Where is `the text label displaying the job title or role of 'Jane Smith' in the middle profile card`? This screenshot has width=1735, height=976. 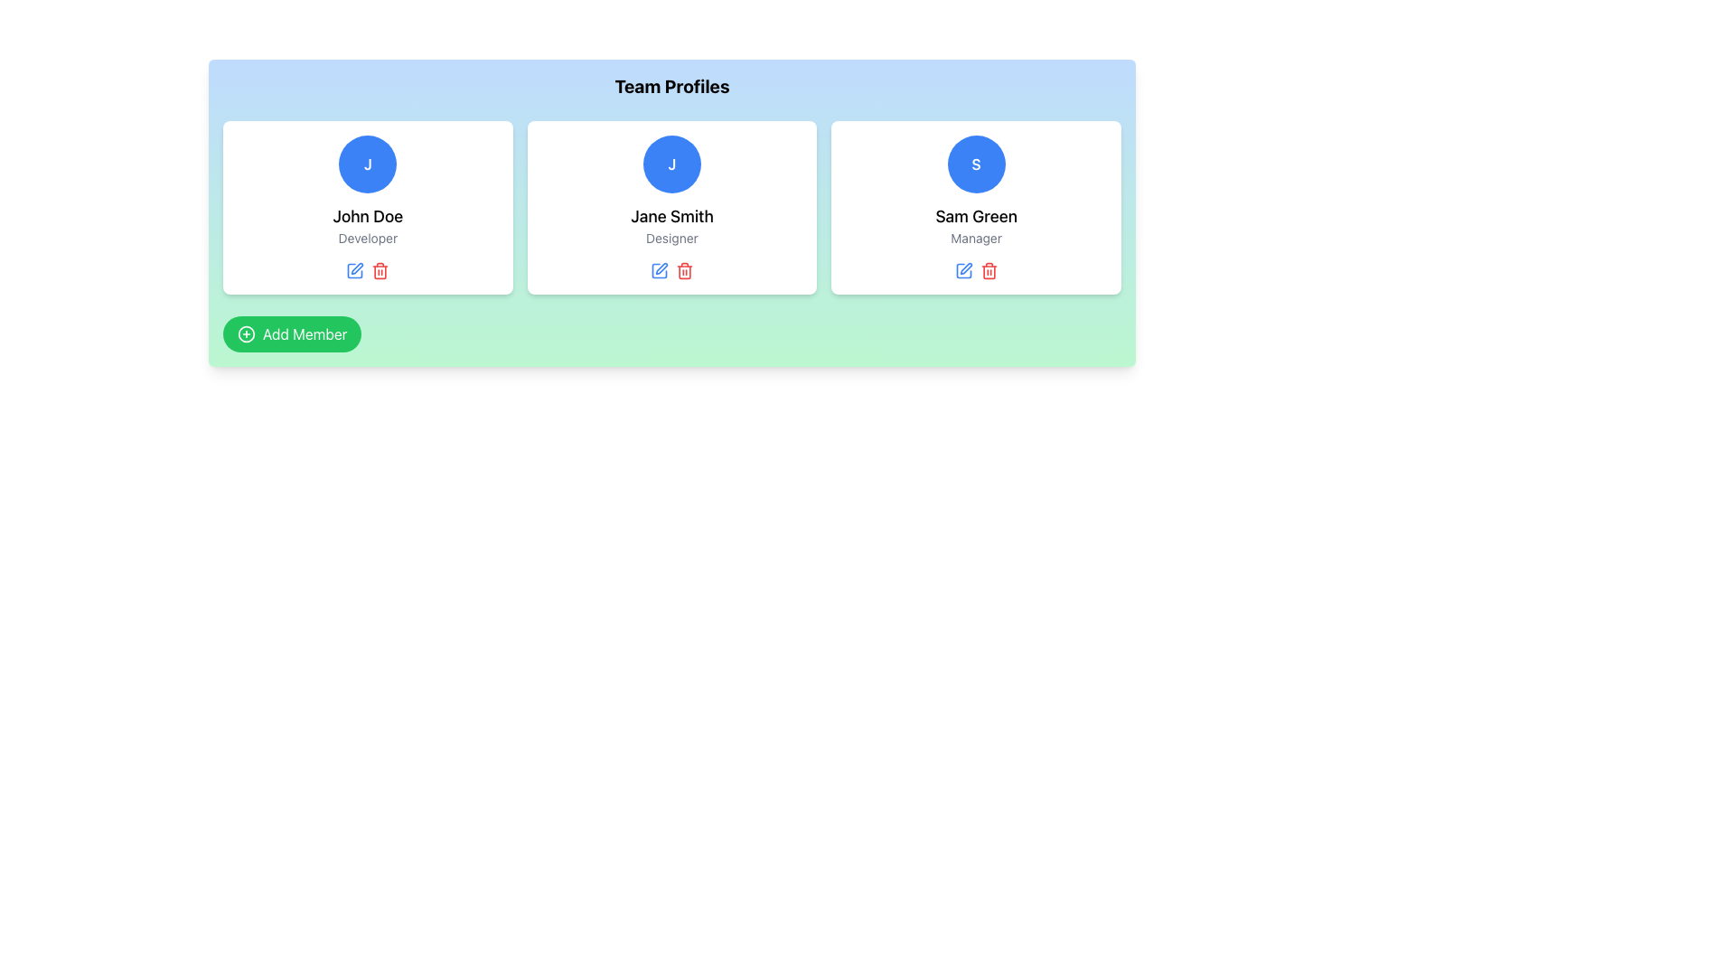
the text label displaying the job title or role of 'Jane Smith' in the middle profile card is located at coordinates (671, 237).